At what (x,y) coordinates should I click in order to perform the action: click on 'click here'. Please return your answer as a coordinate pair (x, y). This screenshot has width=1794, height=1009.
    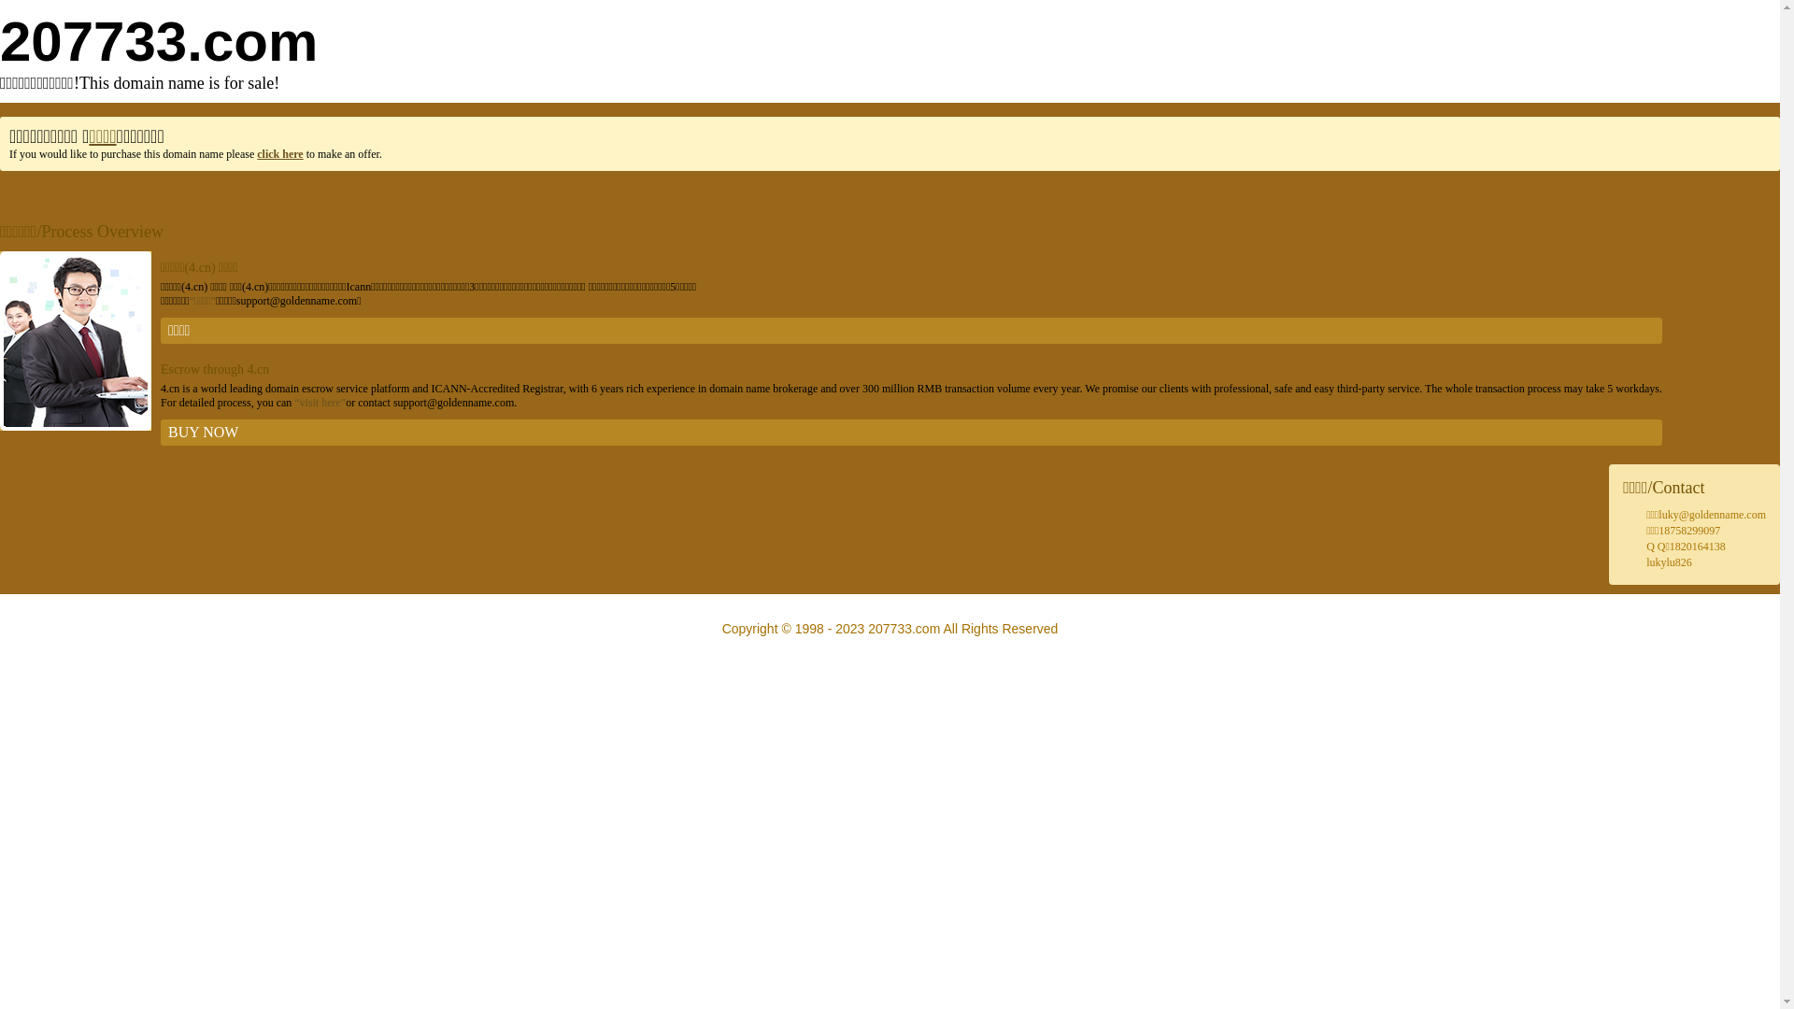
    Looking at the image, I should click on (278, 153).